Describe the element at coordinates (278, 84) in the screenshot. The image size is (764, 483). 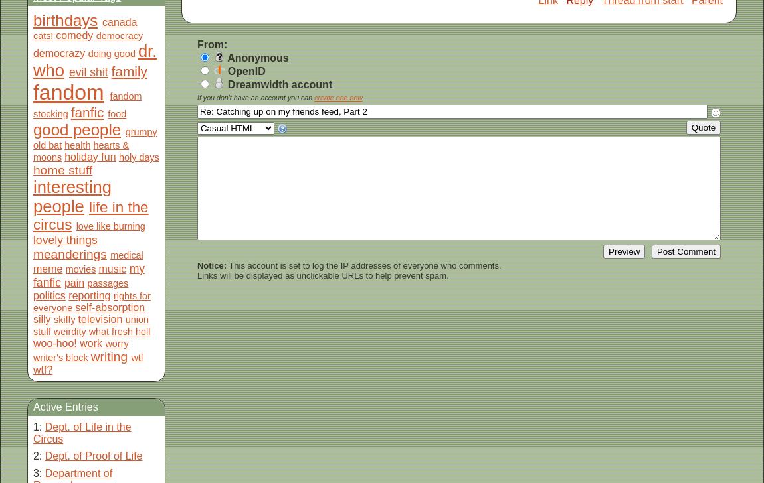
I see `'Dreamwidth account'` at that location.